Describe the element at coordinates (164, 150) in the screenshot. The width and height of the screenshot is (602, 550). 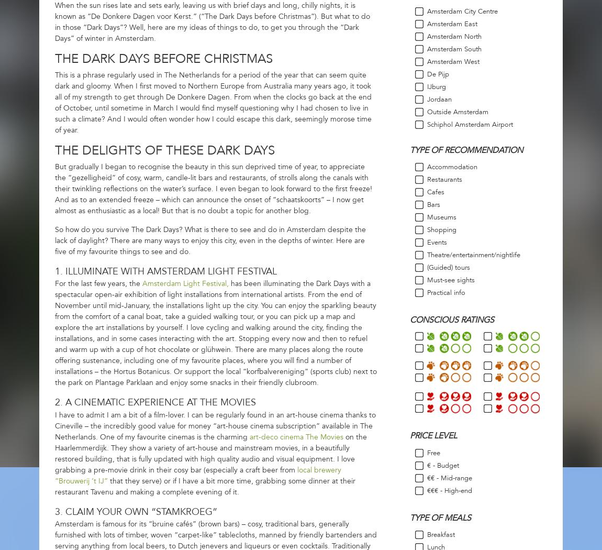
I see `'The delights of these Dark Days'` at that location.